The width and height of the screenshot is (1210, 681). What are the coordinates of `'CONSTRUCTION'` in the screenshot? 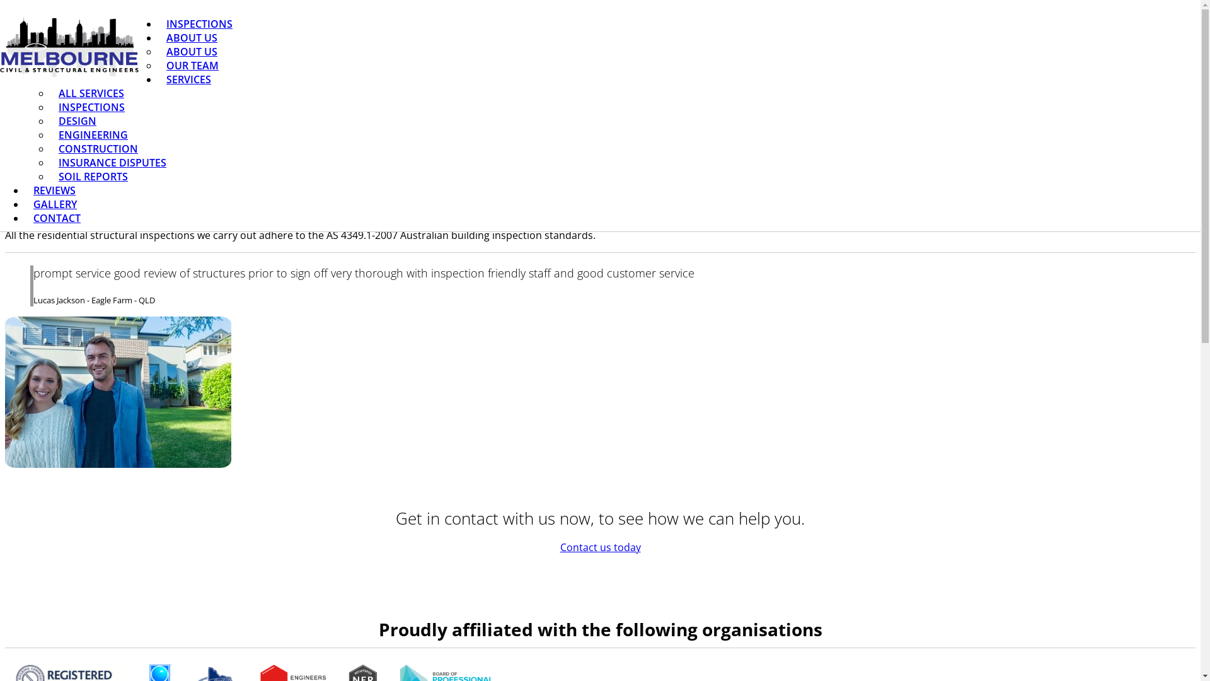 It's located at (98, 148).